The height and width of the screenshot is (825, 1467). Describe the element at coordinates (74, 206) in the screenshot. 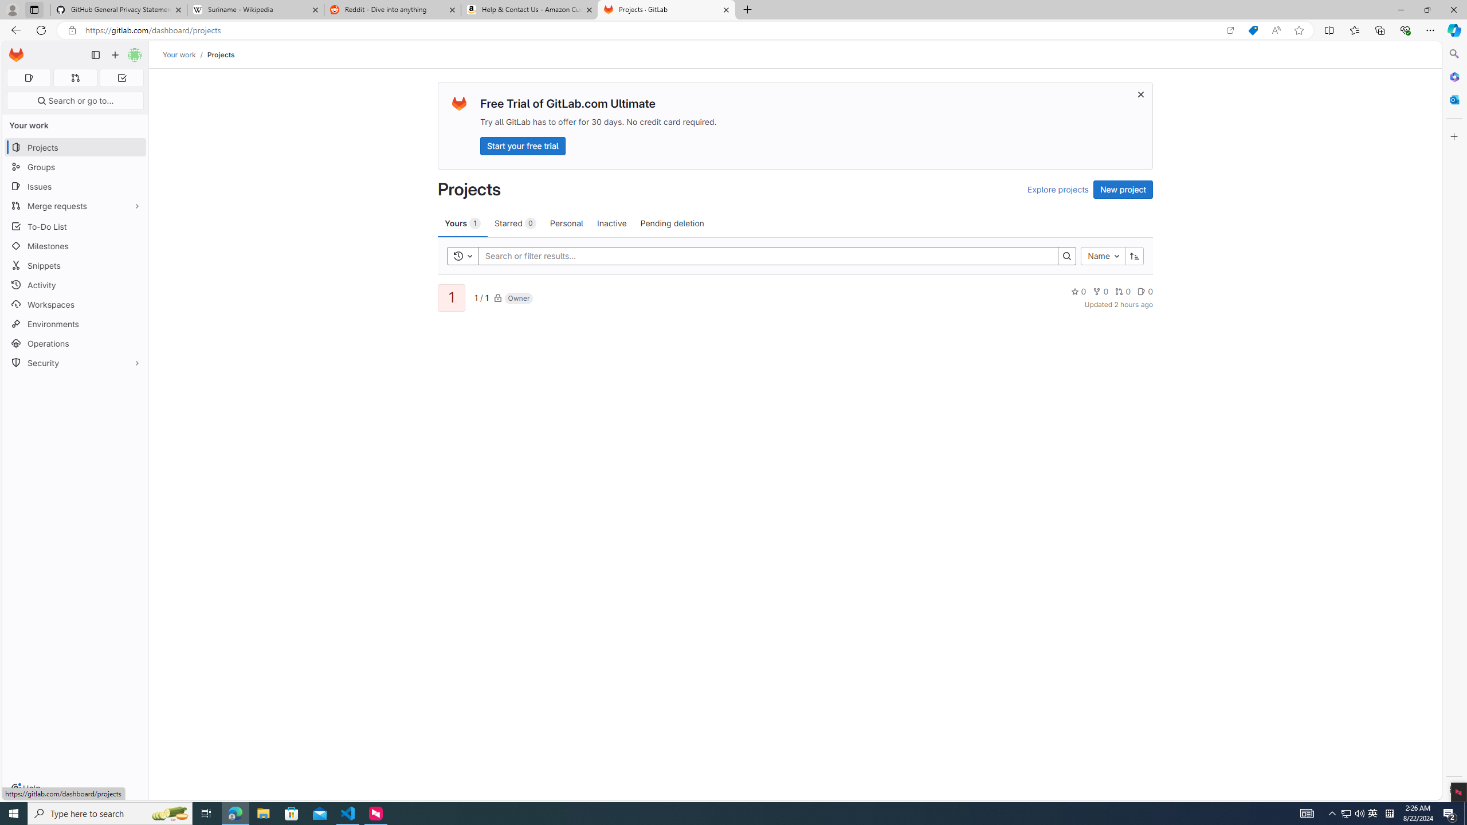

I see `'Merge requests'` at that location.